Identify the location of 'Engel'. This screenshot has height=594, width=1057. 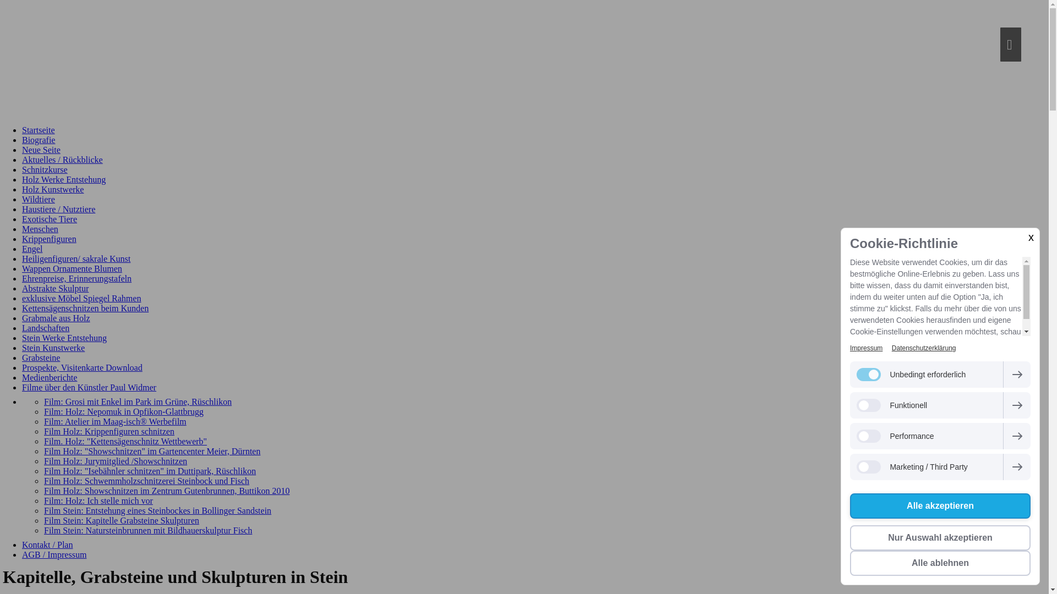
(32, 249).